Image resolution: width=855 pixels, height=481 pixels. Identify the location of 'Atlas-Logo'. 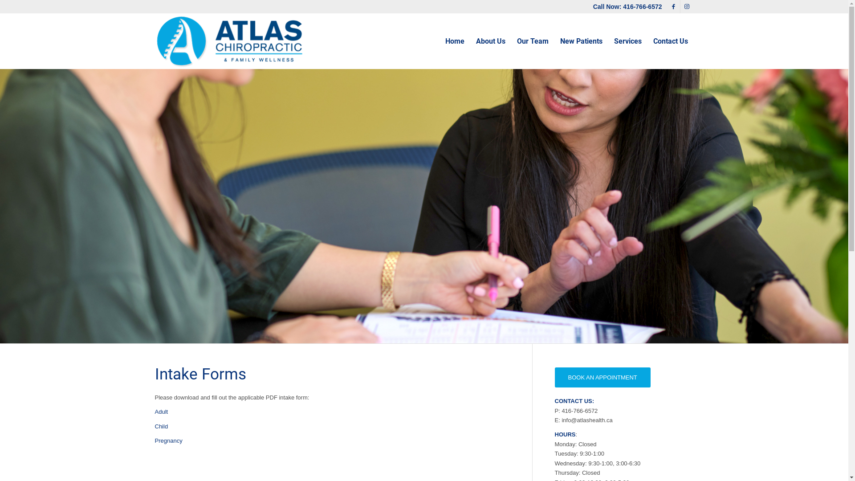
(230, 41).